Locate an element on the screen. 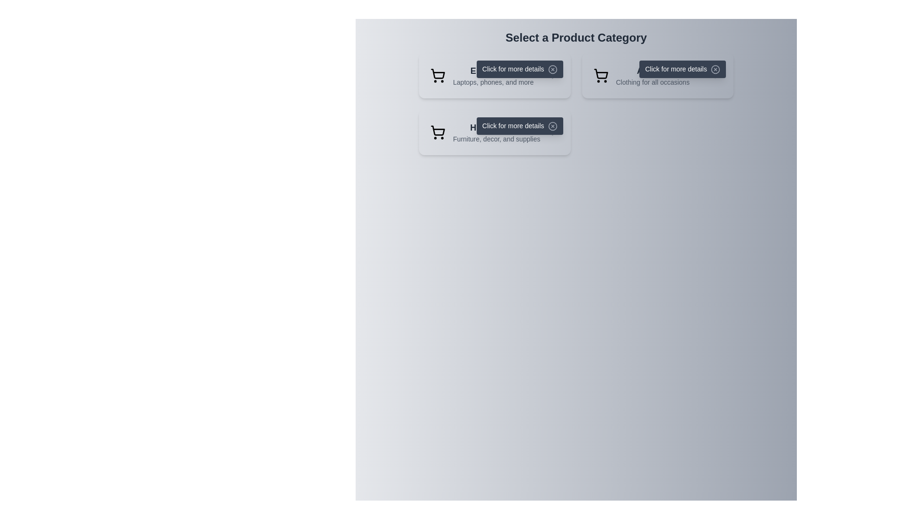 The height and width of the screenshot is (511, 908). the static text element used as a heading that introduces the product categories section, located at the top-center of the interface is located at coordinates (576, 37).